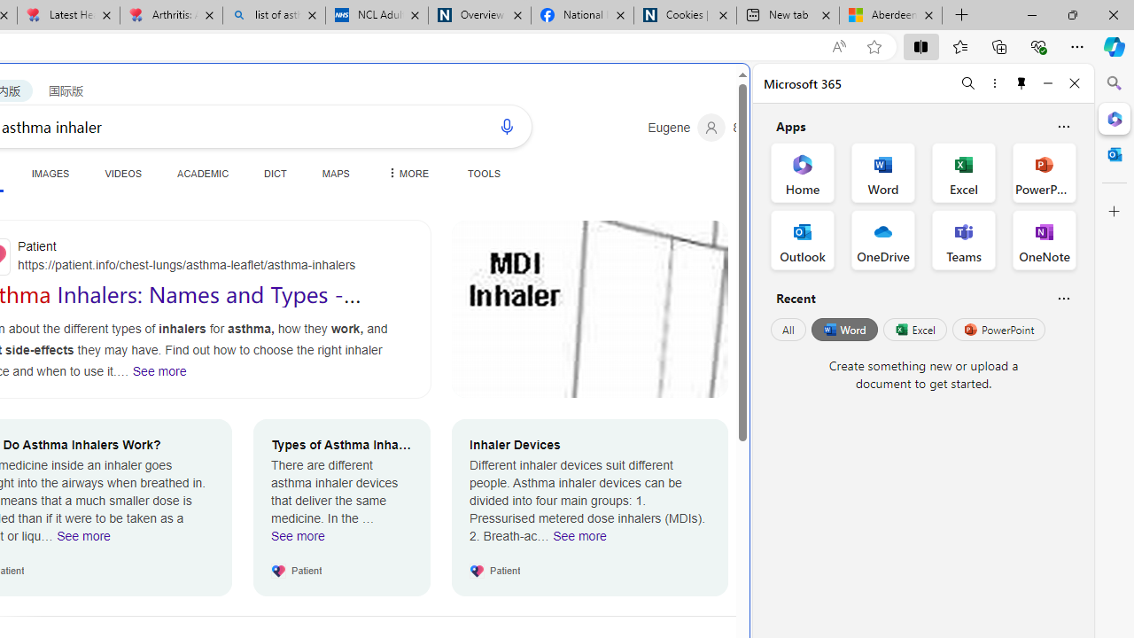 The image size is (1134, 638). I want to click on 'Word Office App', so click(883, 173).